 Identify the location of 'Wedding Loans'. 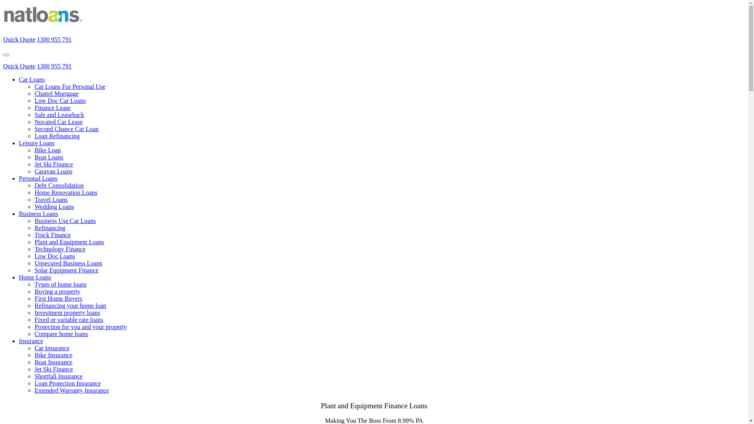
(34, 206).